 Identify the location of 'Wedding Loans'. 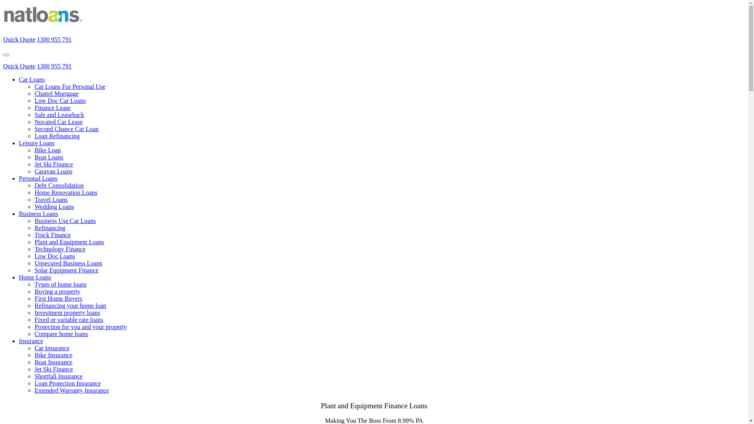
(34, 206).